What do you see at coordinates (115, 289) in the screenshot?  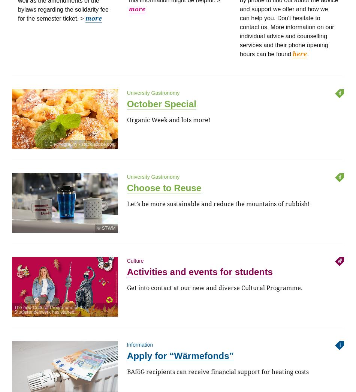 I see `'80802 München'` at bounding box center [115, 289].